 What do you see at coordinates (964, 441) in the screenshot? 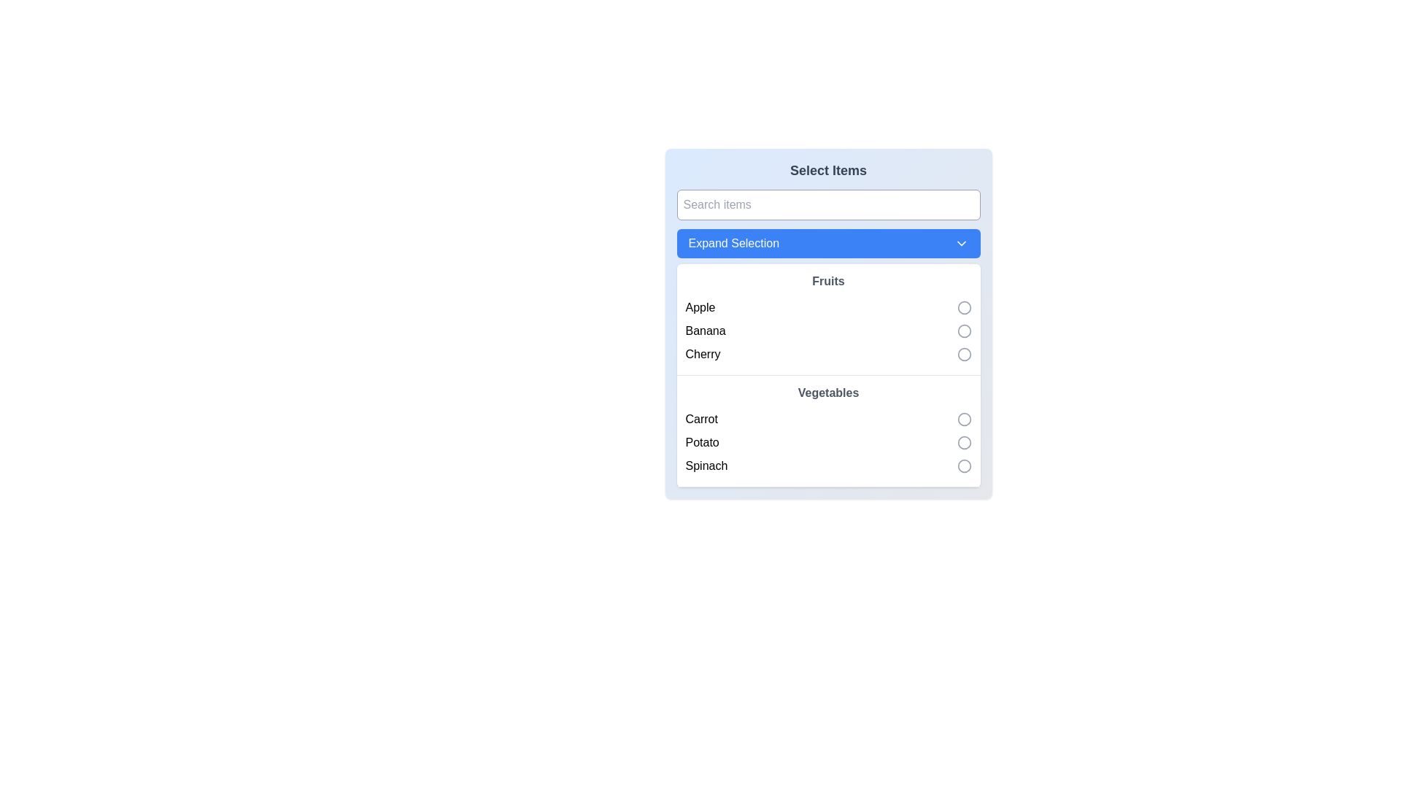
I see `the second radio button under the 'Vegetables' group, aligned horizontally with the label 'Potato'` at bounding box center [964, 441].